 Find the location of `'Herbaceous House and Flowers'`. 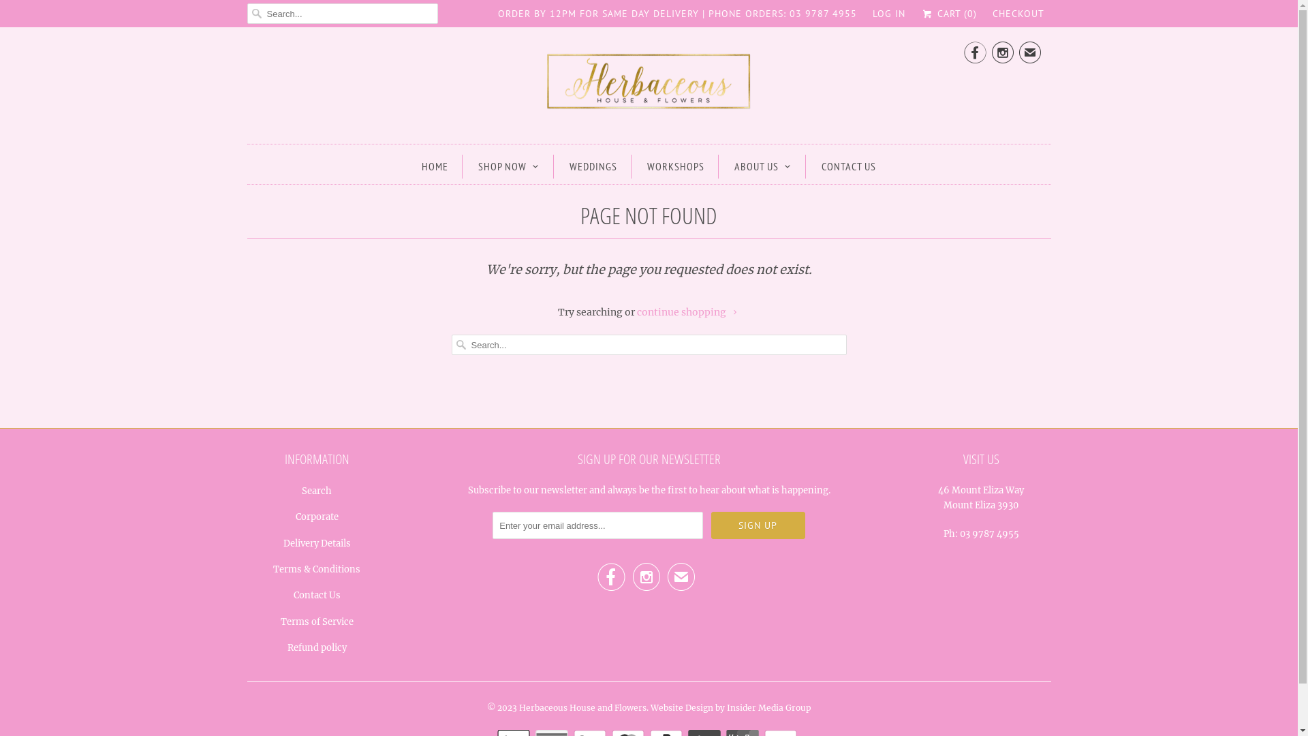

'Herbaceous House and Flowers' is located at coordinates (647, 84).